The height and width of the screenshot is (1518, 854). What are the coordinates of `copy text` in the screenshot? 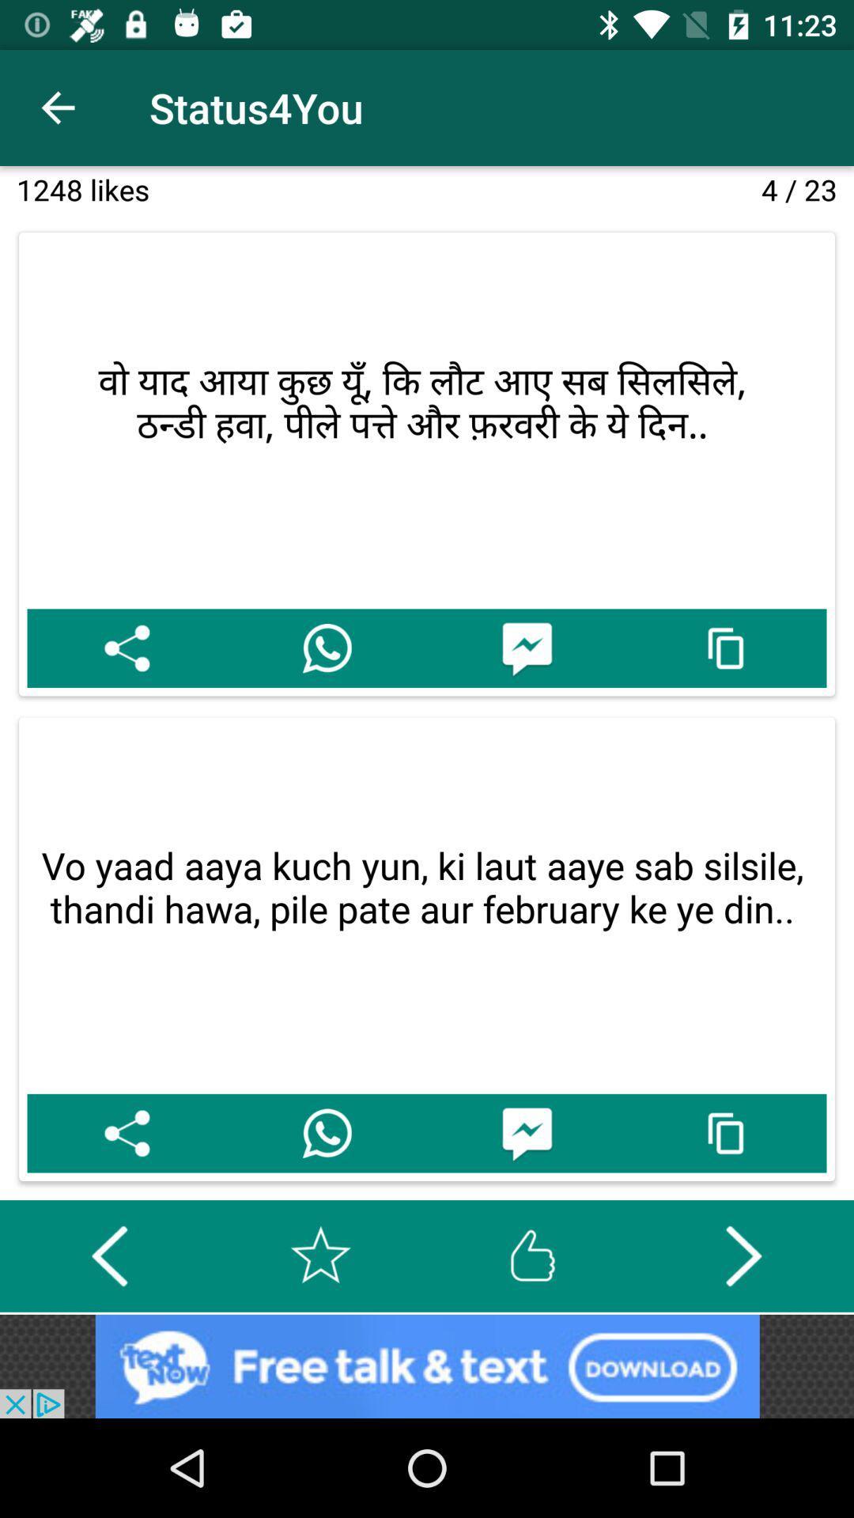 It's located at (727, 648).